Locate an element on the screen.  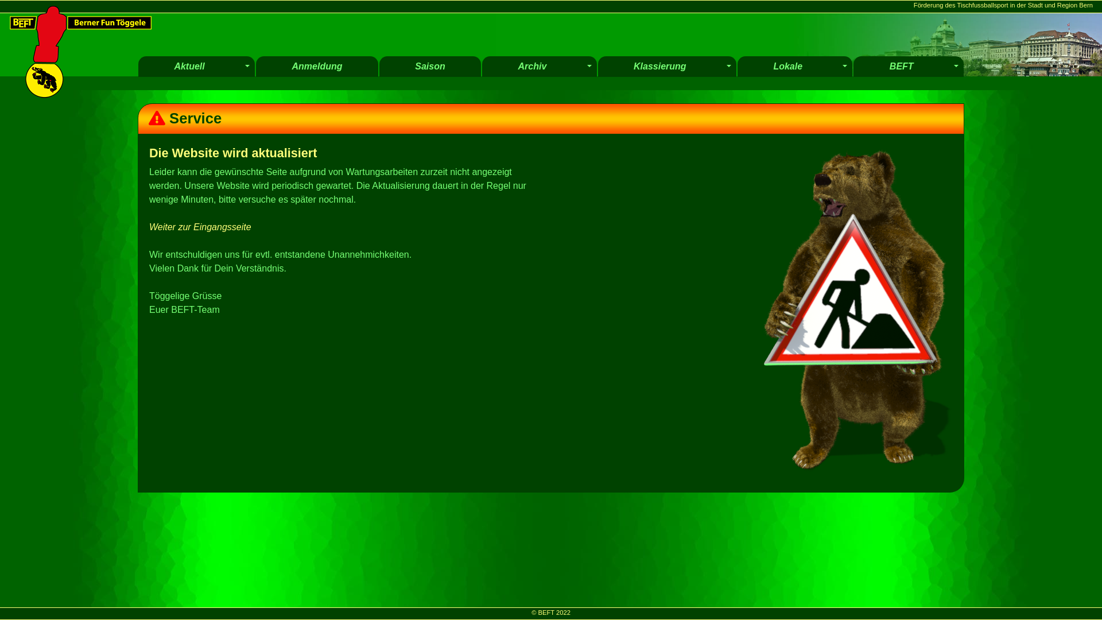
'Saison' is located at coordinates (379, 66).